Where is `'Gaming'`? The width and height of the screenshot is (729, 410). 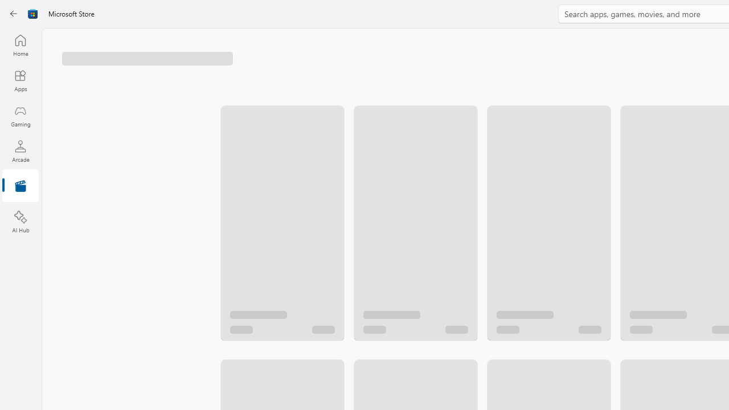 'Gaming' is located at coordinates (20, 116).